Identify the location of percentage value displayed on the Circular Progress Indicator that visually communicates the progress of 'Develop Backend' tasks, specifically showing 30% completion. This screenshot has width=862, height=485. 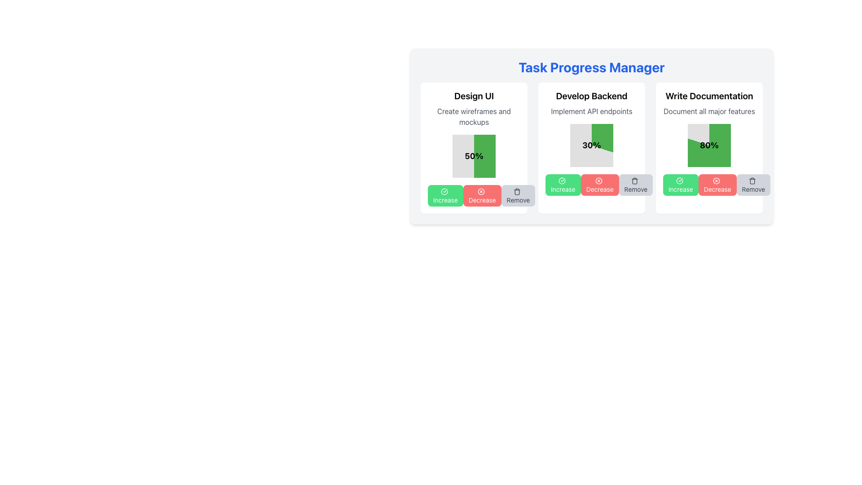
(592, 148).